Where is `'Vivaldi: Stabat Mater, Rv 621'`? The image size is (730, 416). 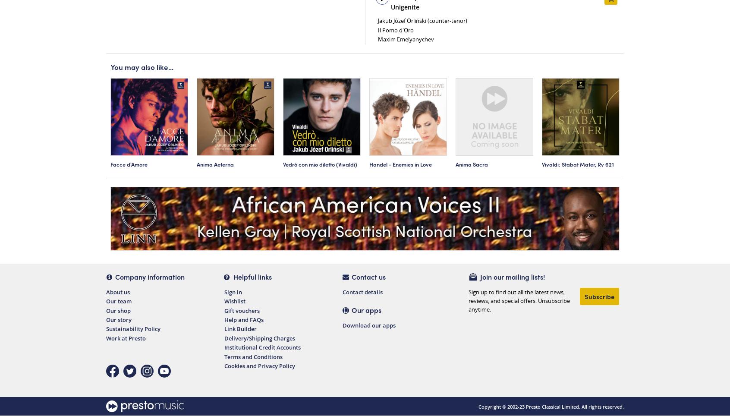
'Vivaldi: Stabat Mater, Rv 621' is located at coordinates (577, 164).